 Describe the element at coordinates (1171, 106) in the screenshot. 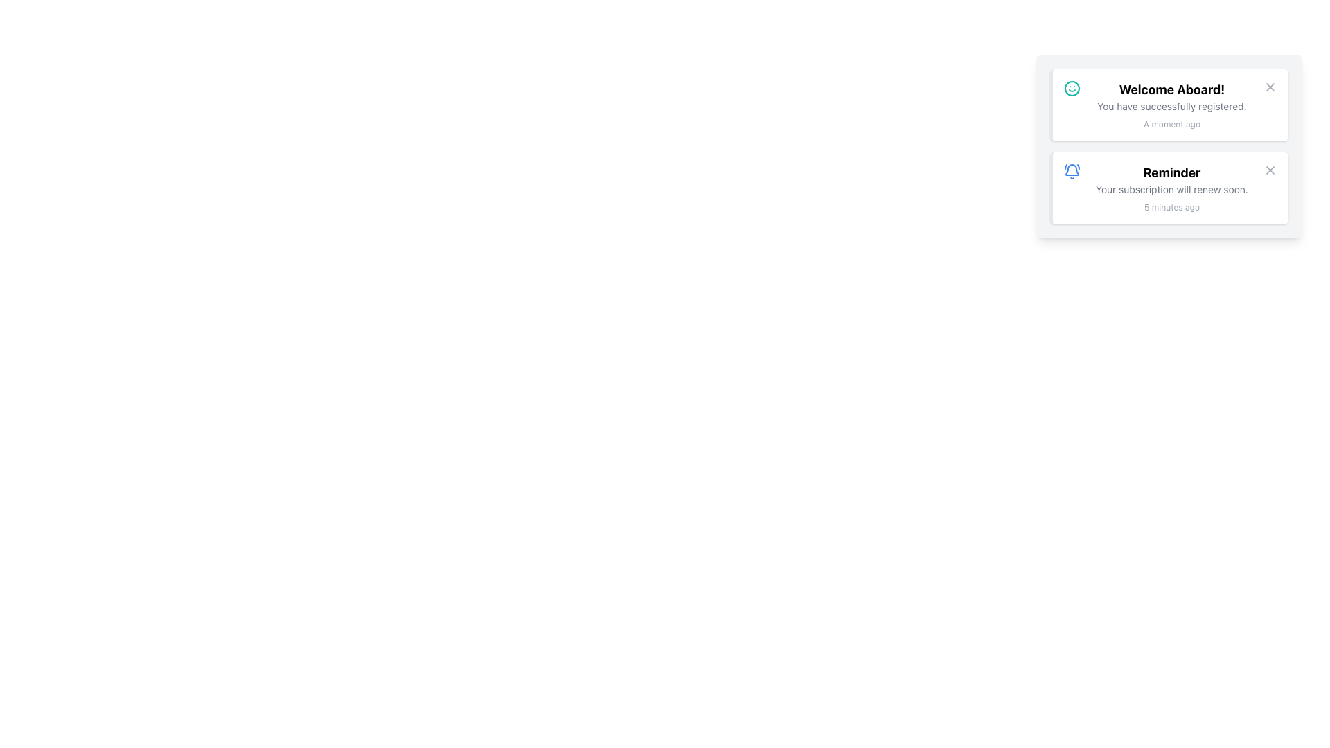

I see `text label displaying 'You have successfully registered.' which is styled in gray and positioned below the header 'Welcome Aboard!' within the notification card` at that location.